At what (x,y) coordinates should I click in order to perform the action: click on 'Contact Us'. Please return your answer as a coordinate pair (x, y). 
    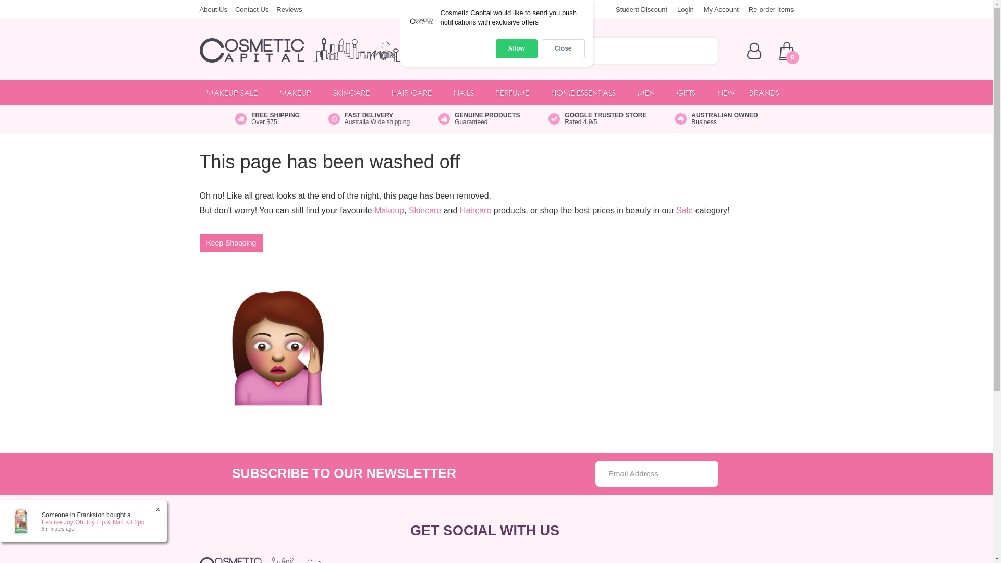
    Looking at the image, I should click on (235, 9).